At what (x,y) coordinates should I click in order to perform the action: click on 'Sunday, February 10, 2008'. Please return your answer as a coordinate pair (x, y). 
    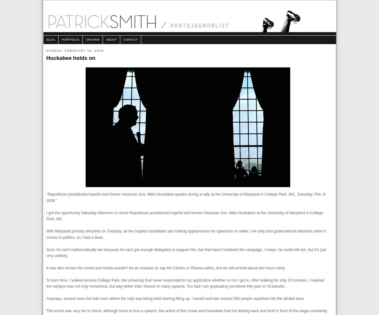
    Looking at the image, I should click on (75, 50).